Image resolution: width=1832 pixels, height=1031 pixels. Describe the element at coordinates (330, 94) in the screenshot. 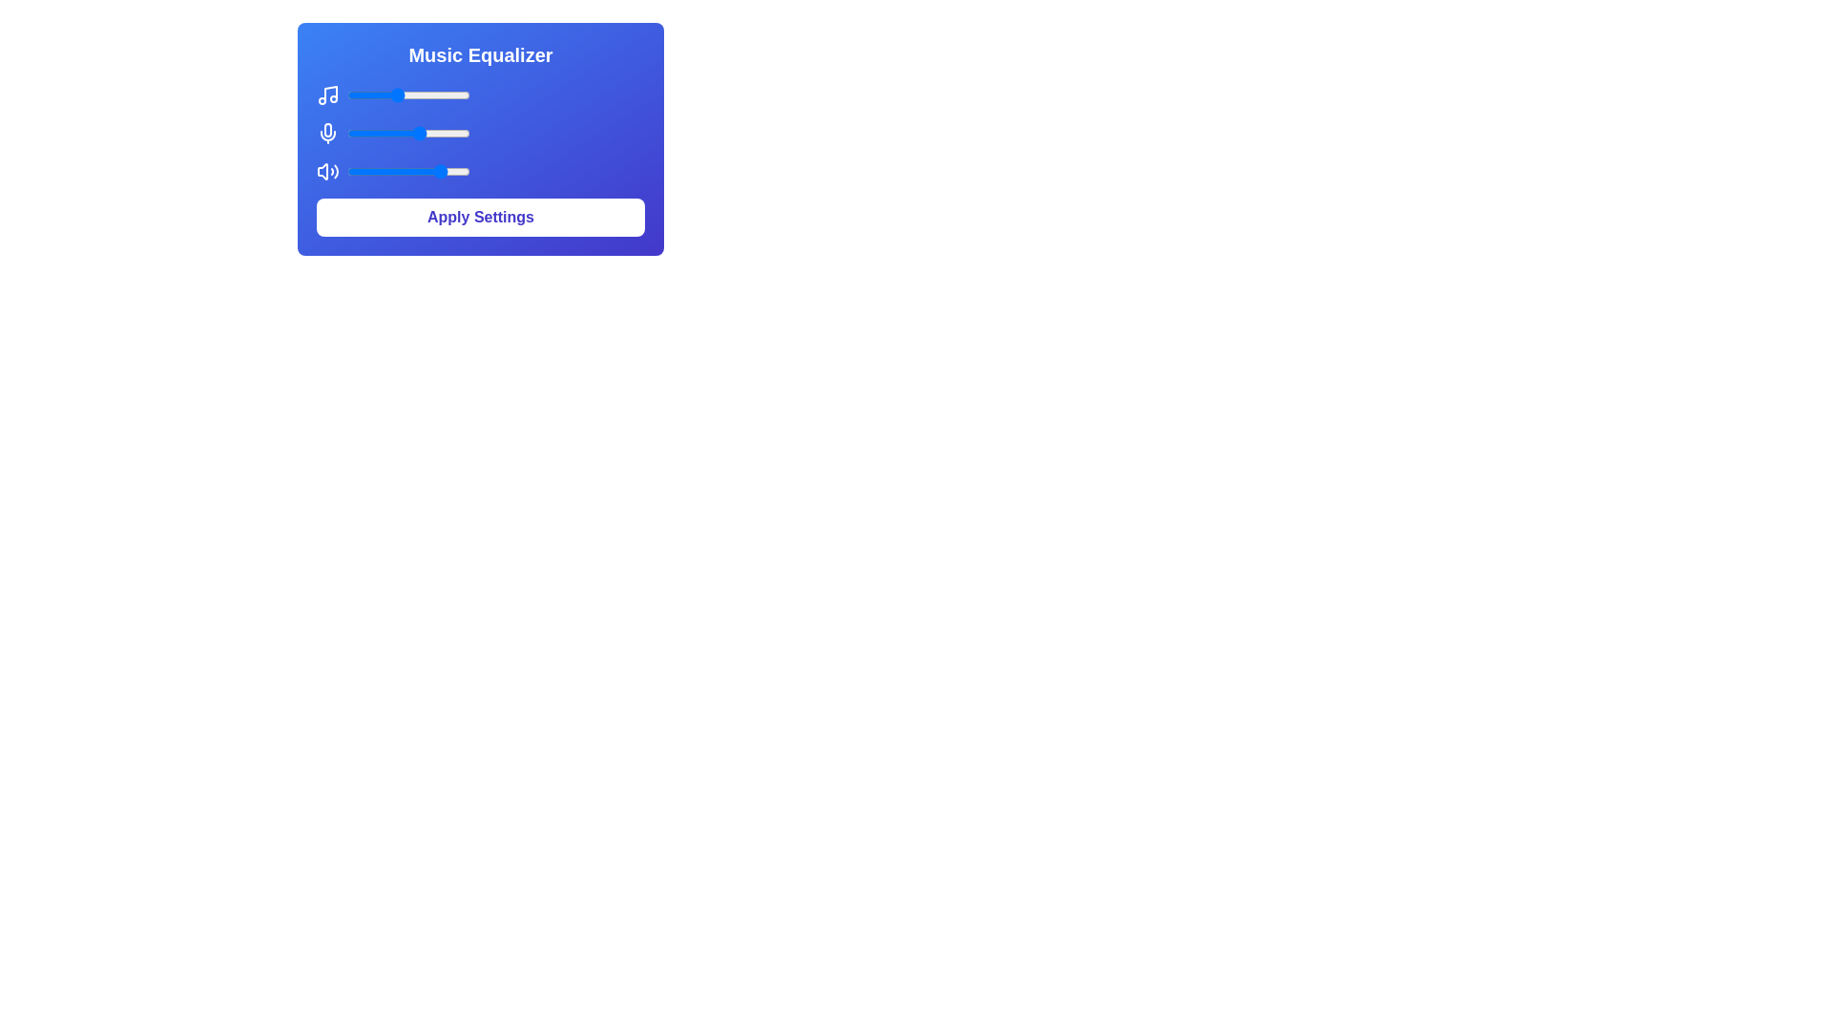

I see `the musical note icon located in the 'Music Equalizer' dialog box, positioned near the top left corner` at that location.